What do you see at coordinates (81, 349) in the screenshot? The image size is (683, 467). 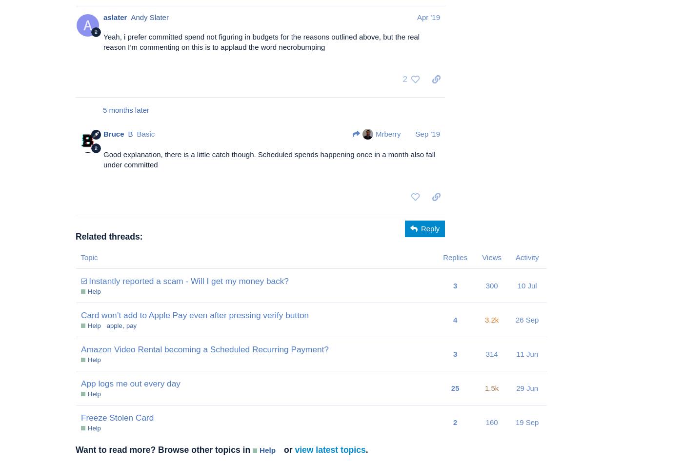 I see `'Amazon Video Rental becoming a Scheduled Recurring Payment?'` at bounding box center [81, 349].